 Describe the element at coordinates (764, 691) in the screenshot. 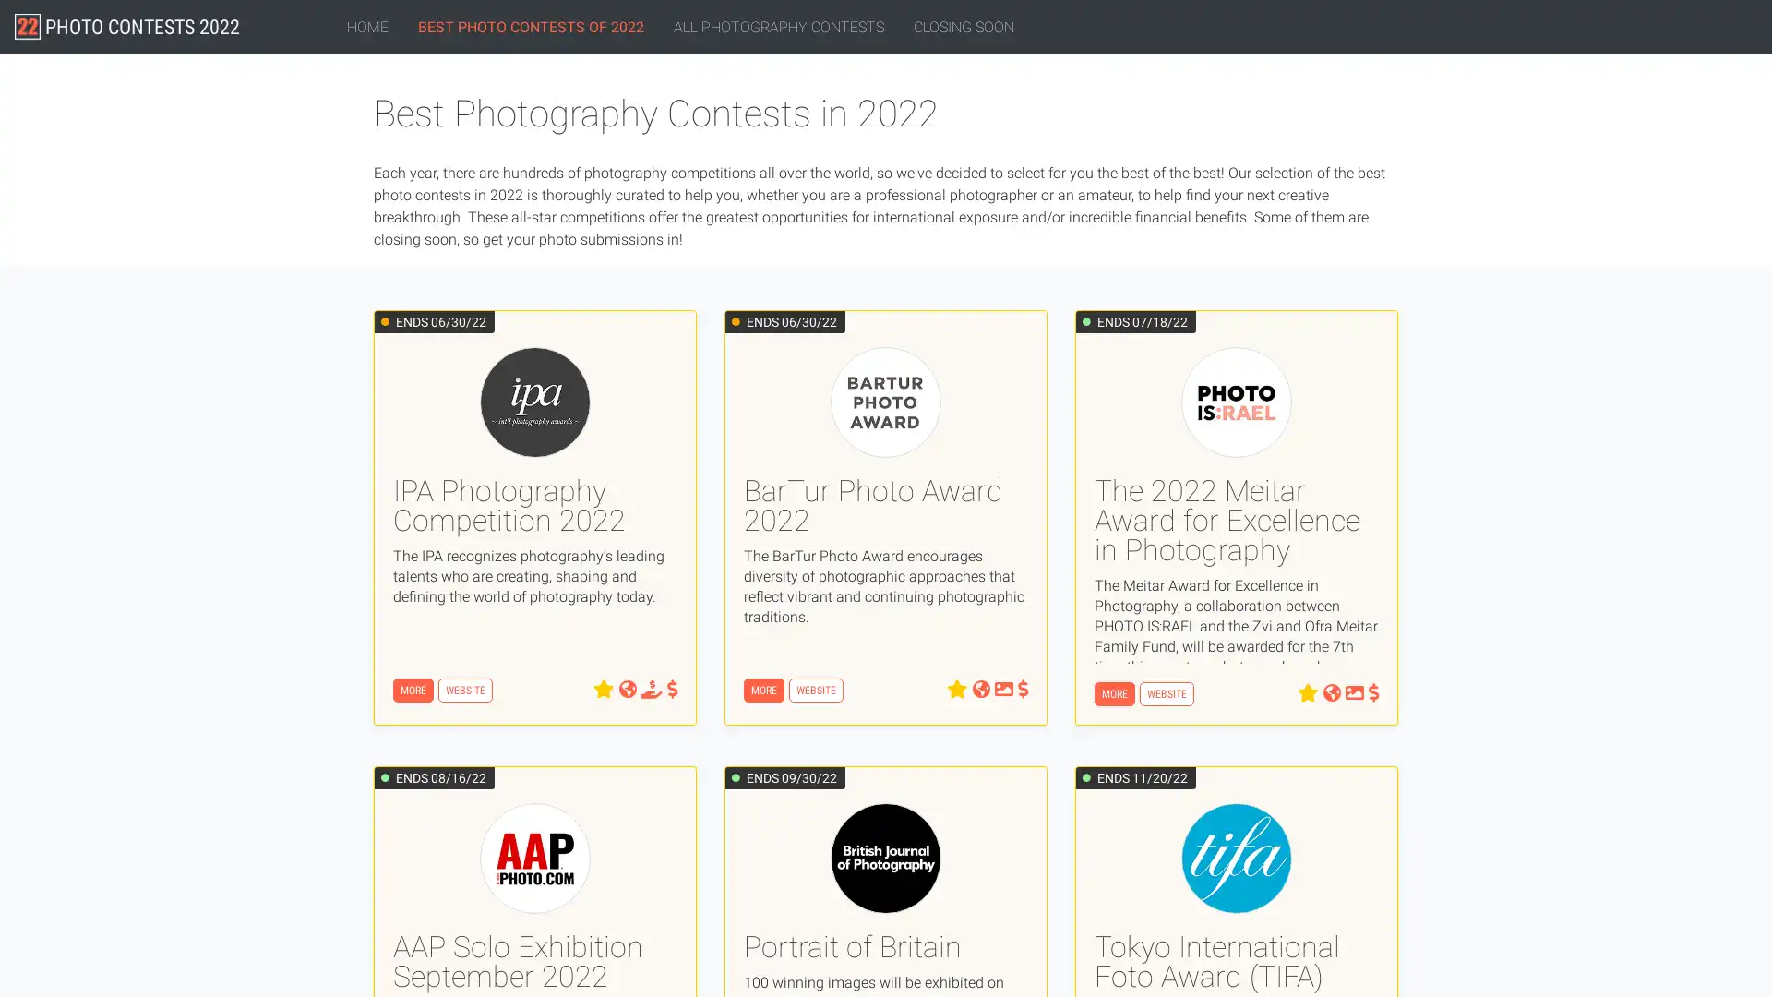

I see `MORE` at that location.